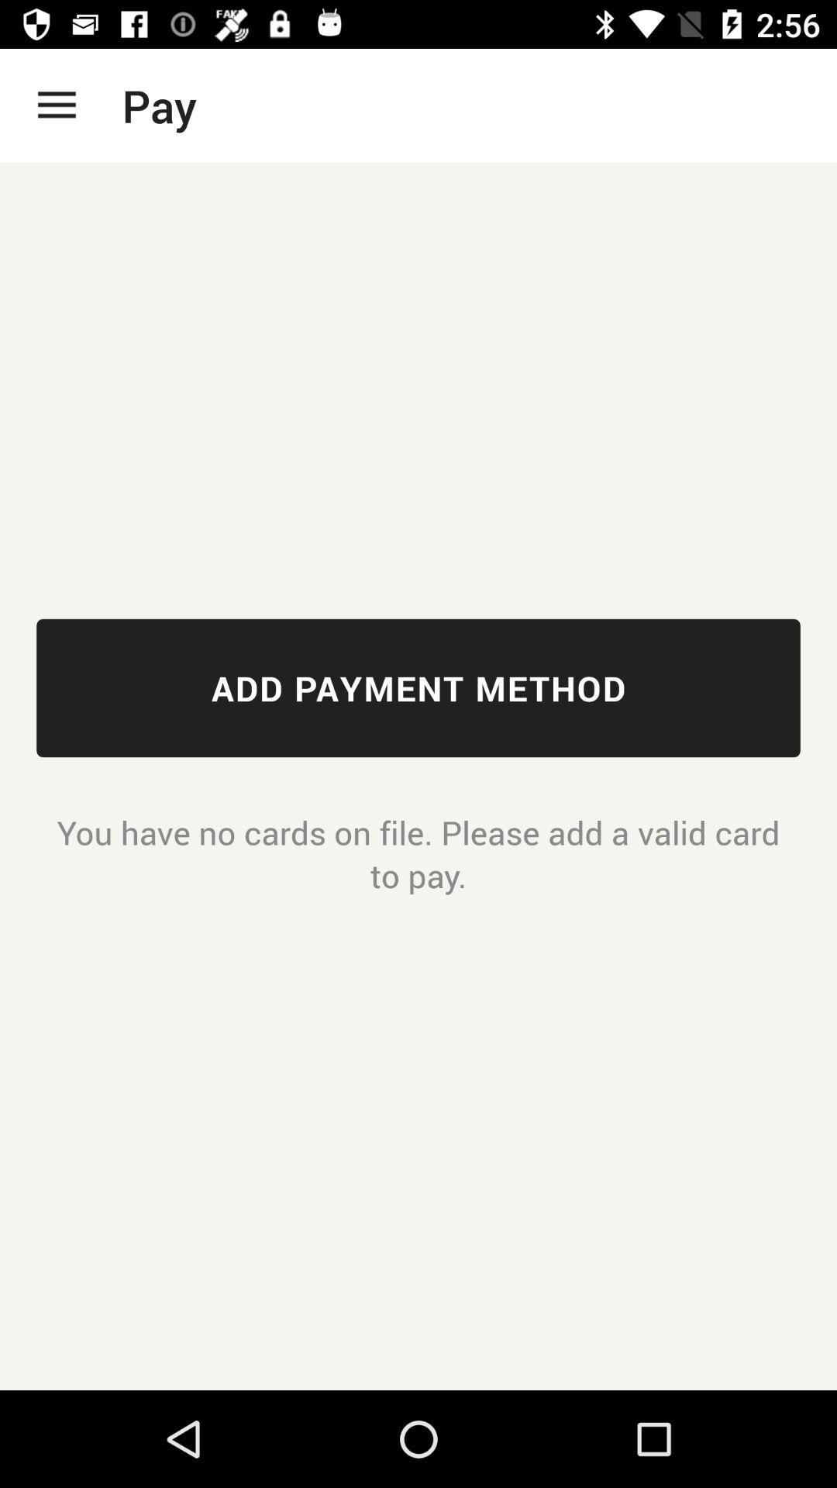 This screenshot has height=1488, width=837. Describe the element at coordinates (56, 105) in the screenshot. I see `the icon to the left of the pay app` at that location.